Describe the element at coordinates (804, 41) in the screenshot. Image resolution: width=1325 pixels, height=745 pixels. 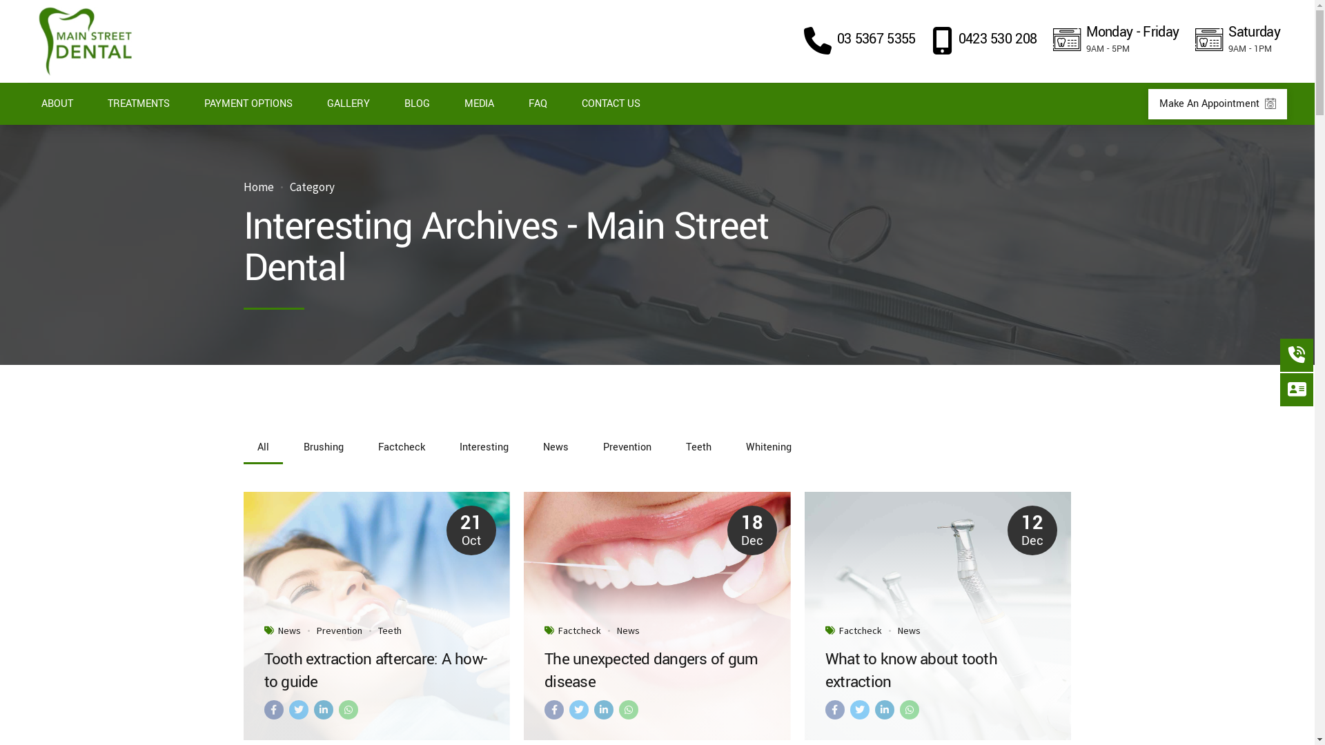
I see `'03 5367 5355'` at that location.